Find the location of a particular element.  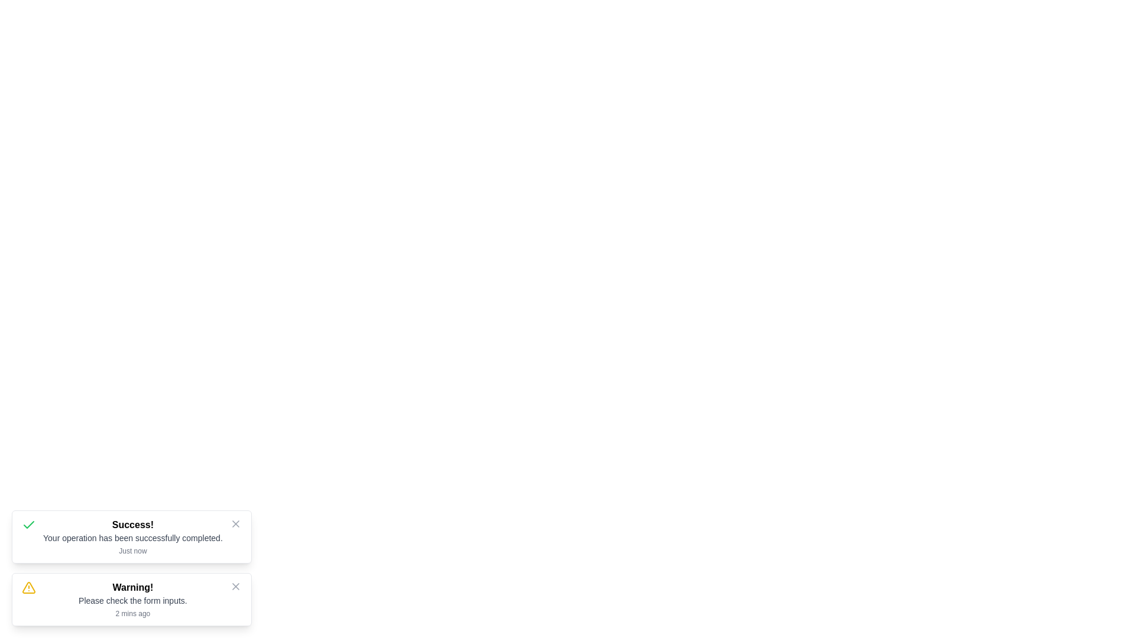

the close button of the notification to dismiss it is located at coordinates (235, 523).